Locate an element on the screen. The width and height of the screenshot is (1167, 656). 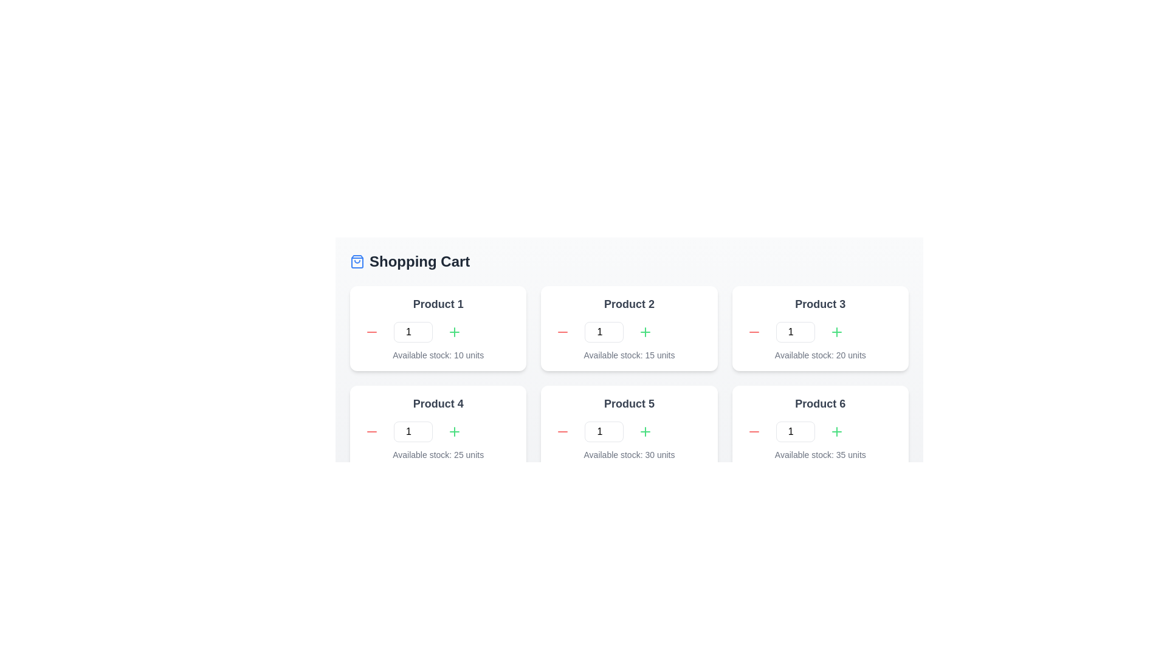
the minus sign SVG icon within the red circular button located to the left of the quantity input box for 'Product 2' in the shopping cart interface is located at coordinates (562, 332).